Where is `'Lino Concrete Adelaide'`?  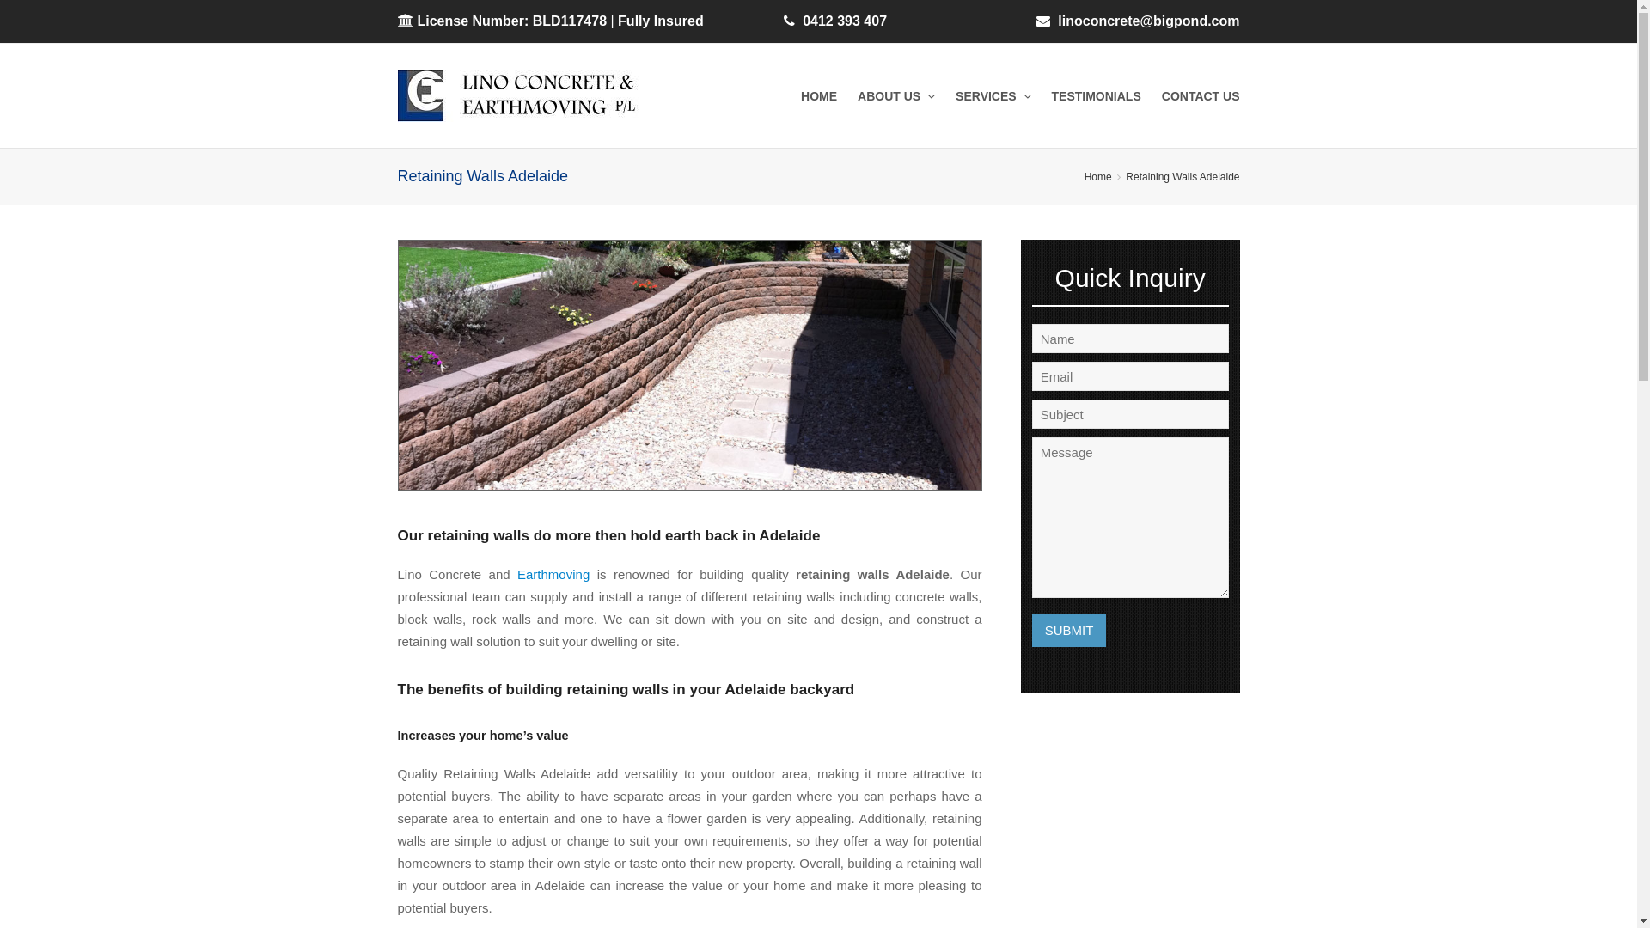 'Lino Concrete Adelaide' is located at coordinates (532, 95).